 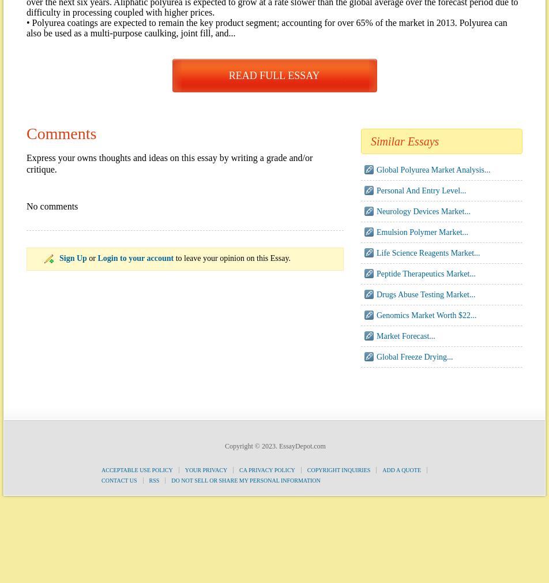 What do you see at coordinates (426, 315) in the screenshot?
I see `'Genomics Market Worth $22...'` at bounding box center [426, 315].